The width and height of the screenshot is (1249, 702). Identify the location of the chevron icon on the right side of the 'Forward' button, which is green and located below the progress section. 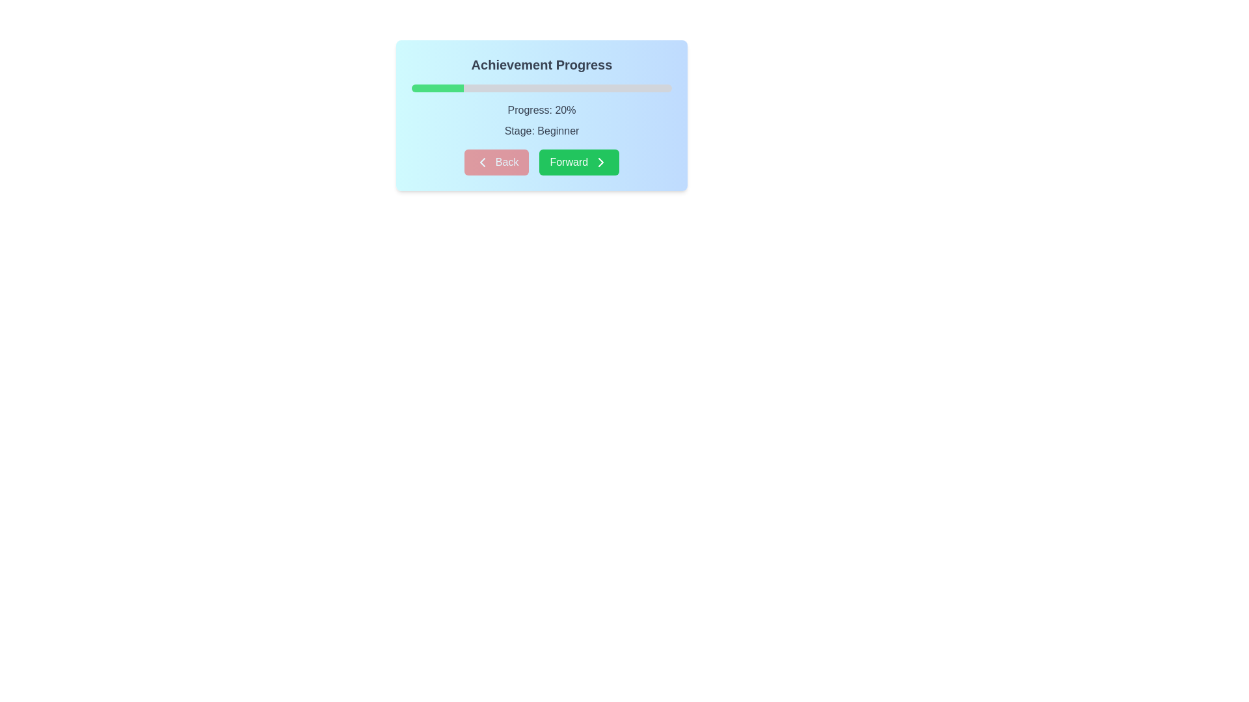
(600, 162).